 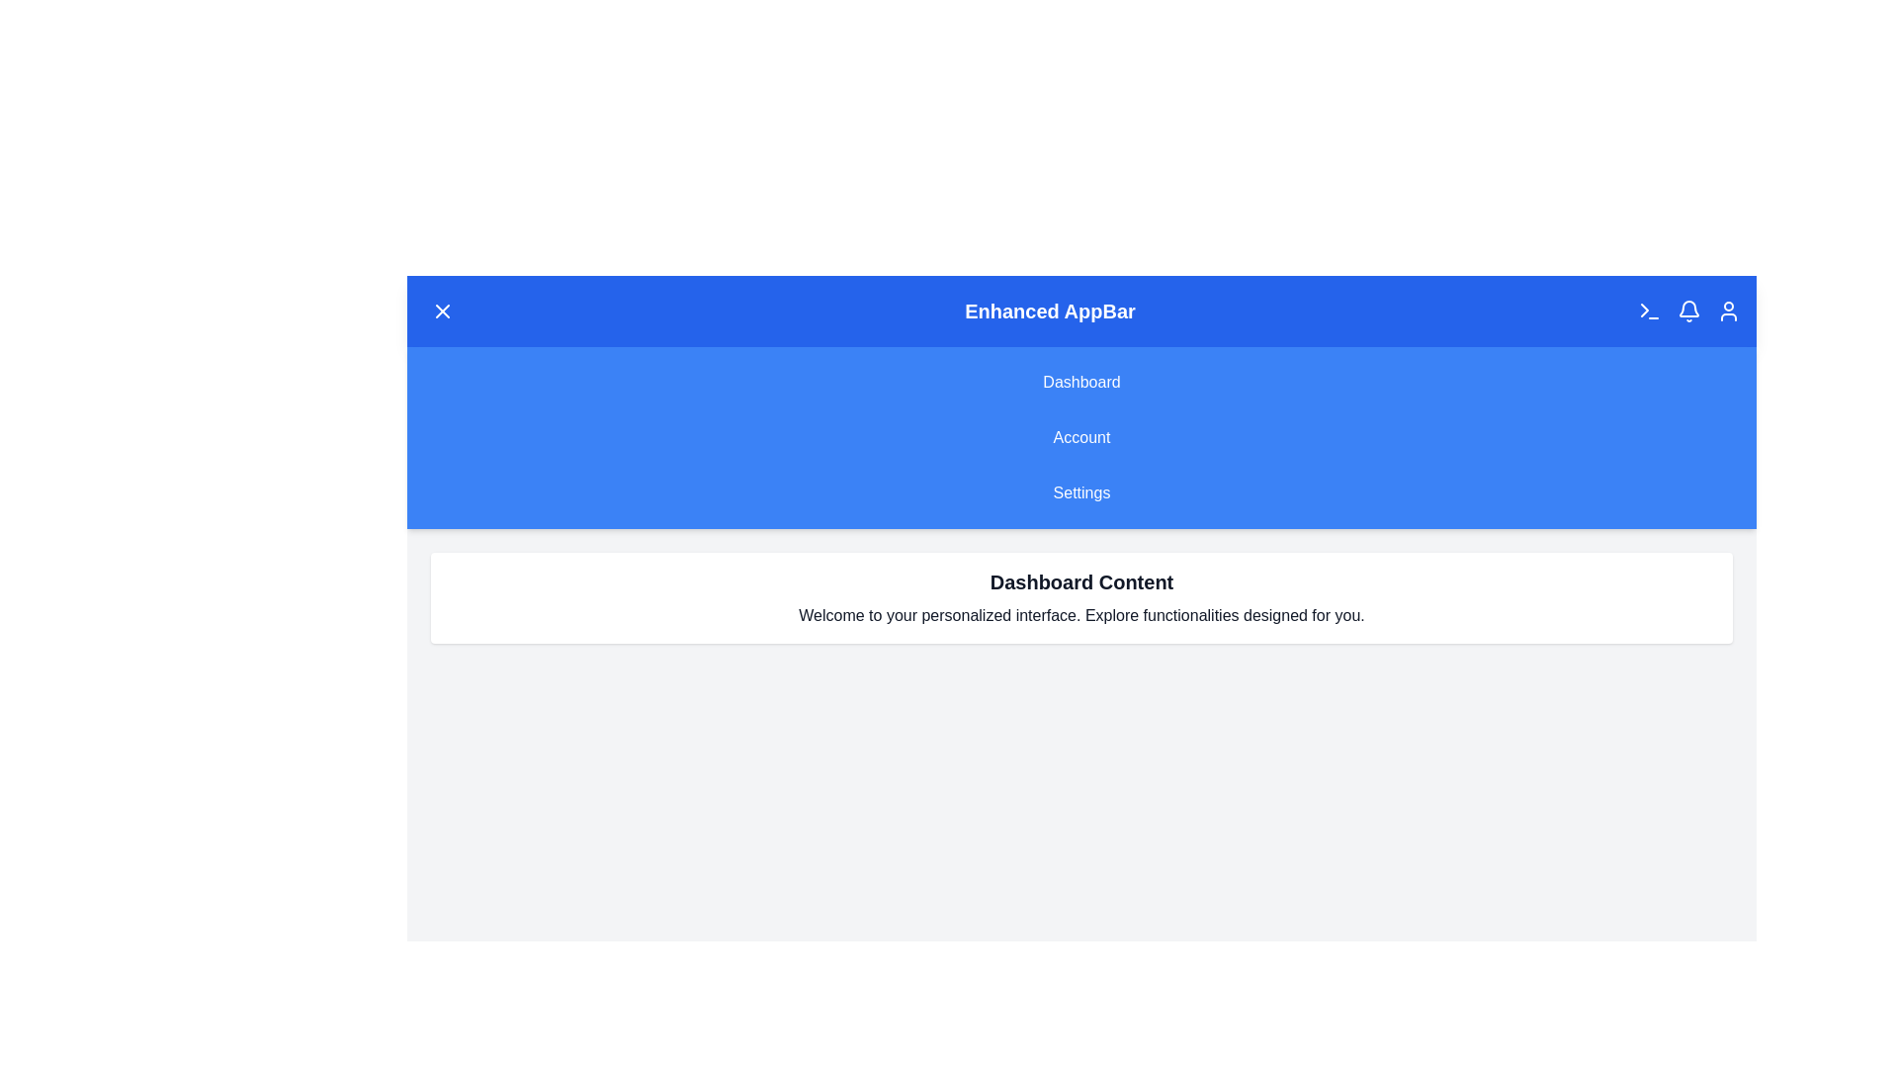 What do you see at coordinates (1727, 311) in the screenshot?
I see `the 'User' icon to open the user profile` at bounding box center [1727, 311].